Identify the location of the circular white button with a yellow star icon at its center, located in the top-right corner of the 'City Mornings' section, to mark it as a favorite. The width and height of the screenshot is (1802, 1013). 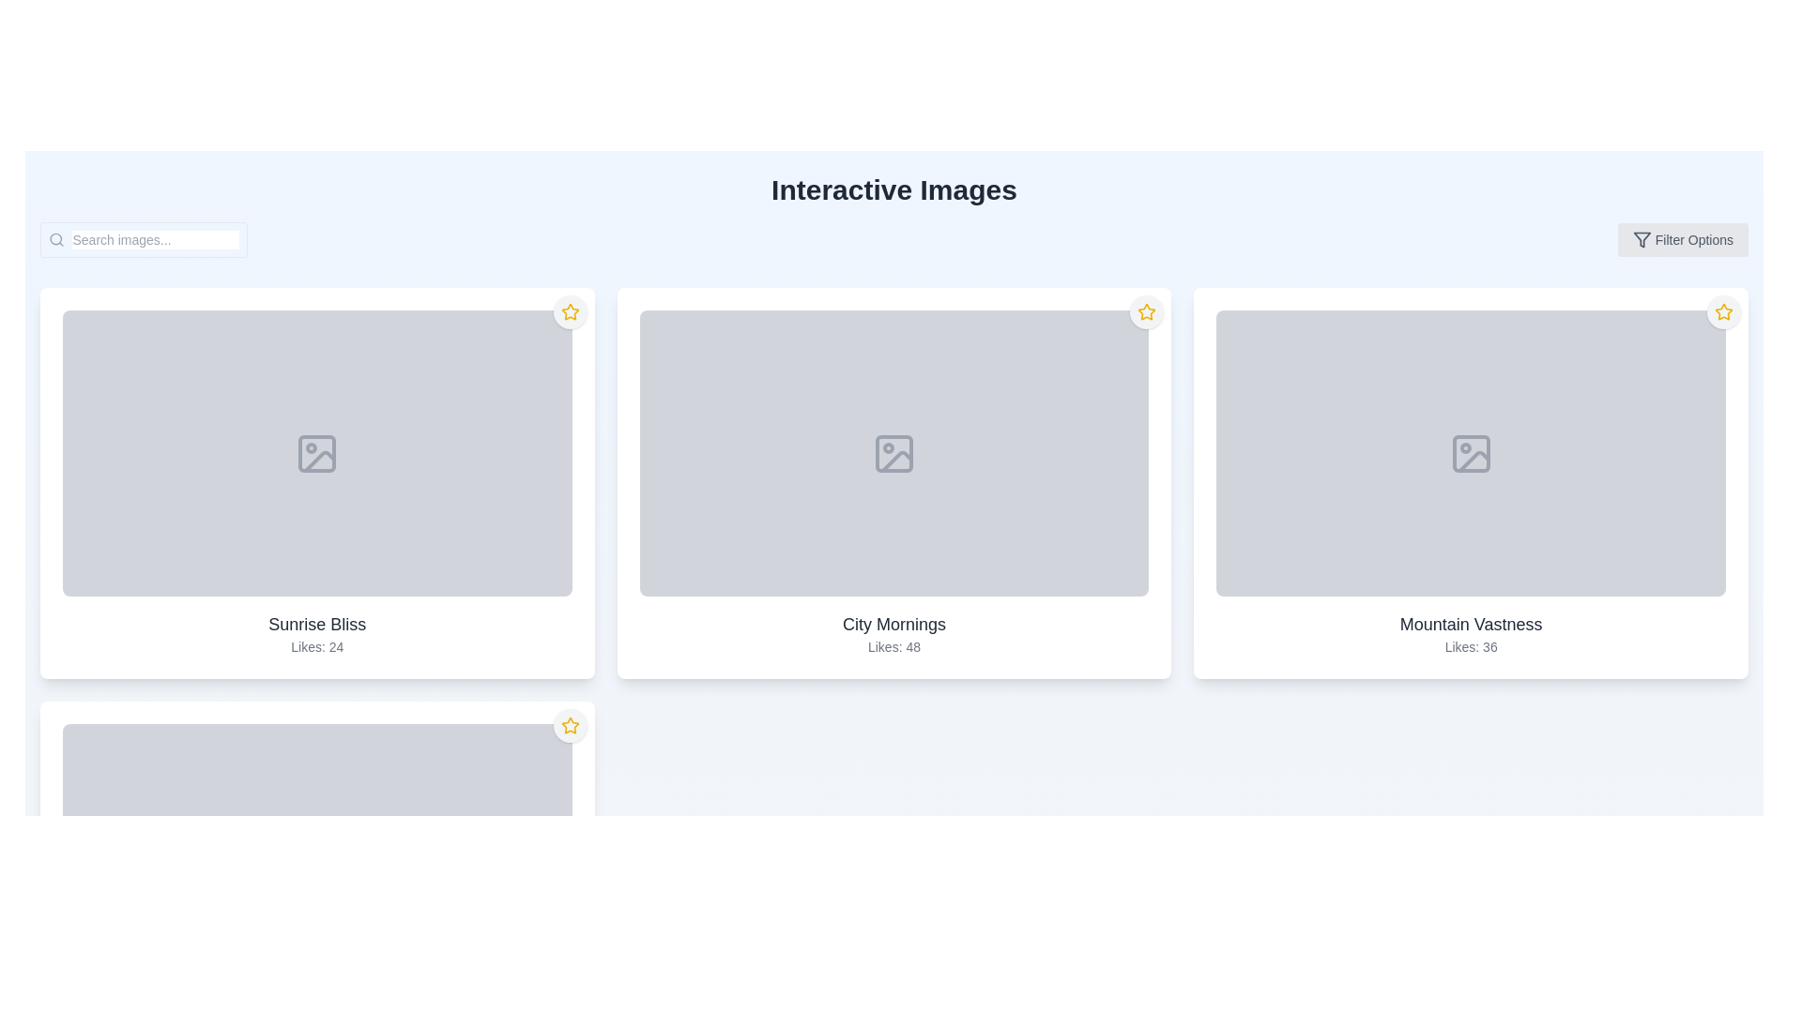
(1146, 310).